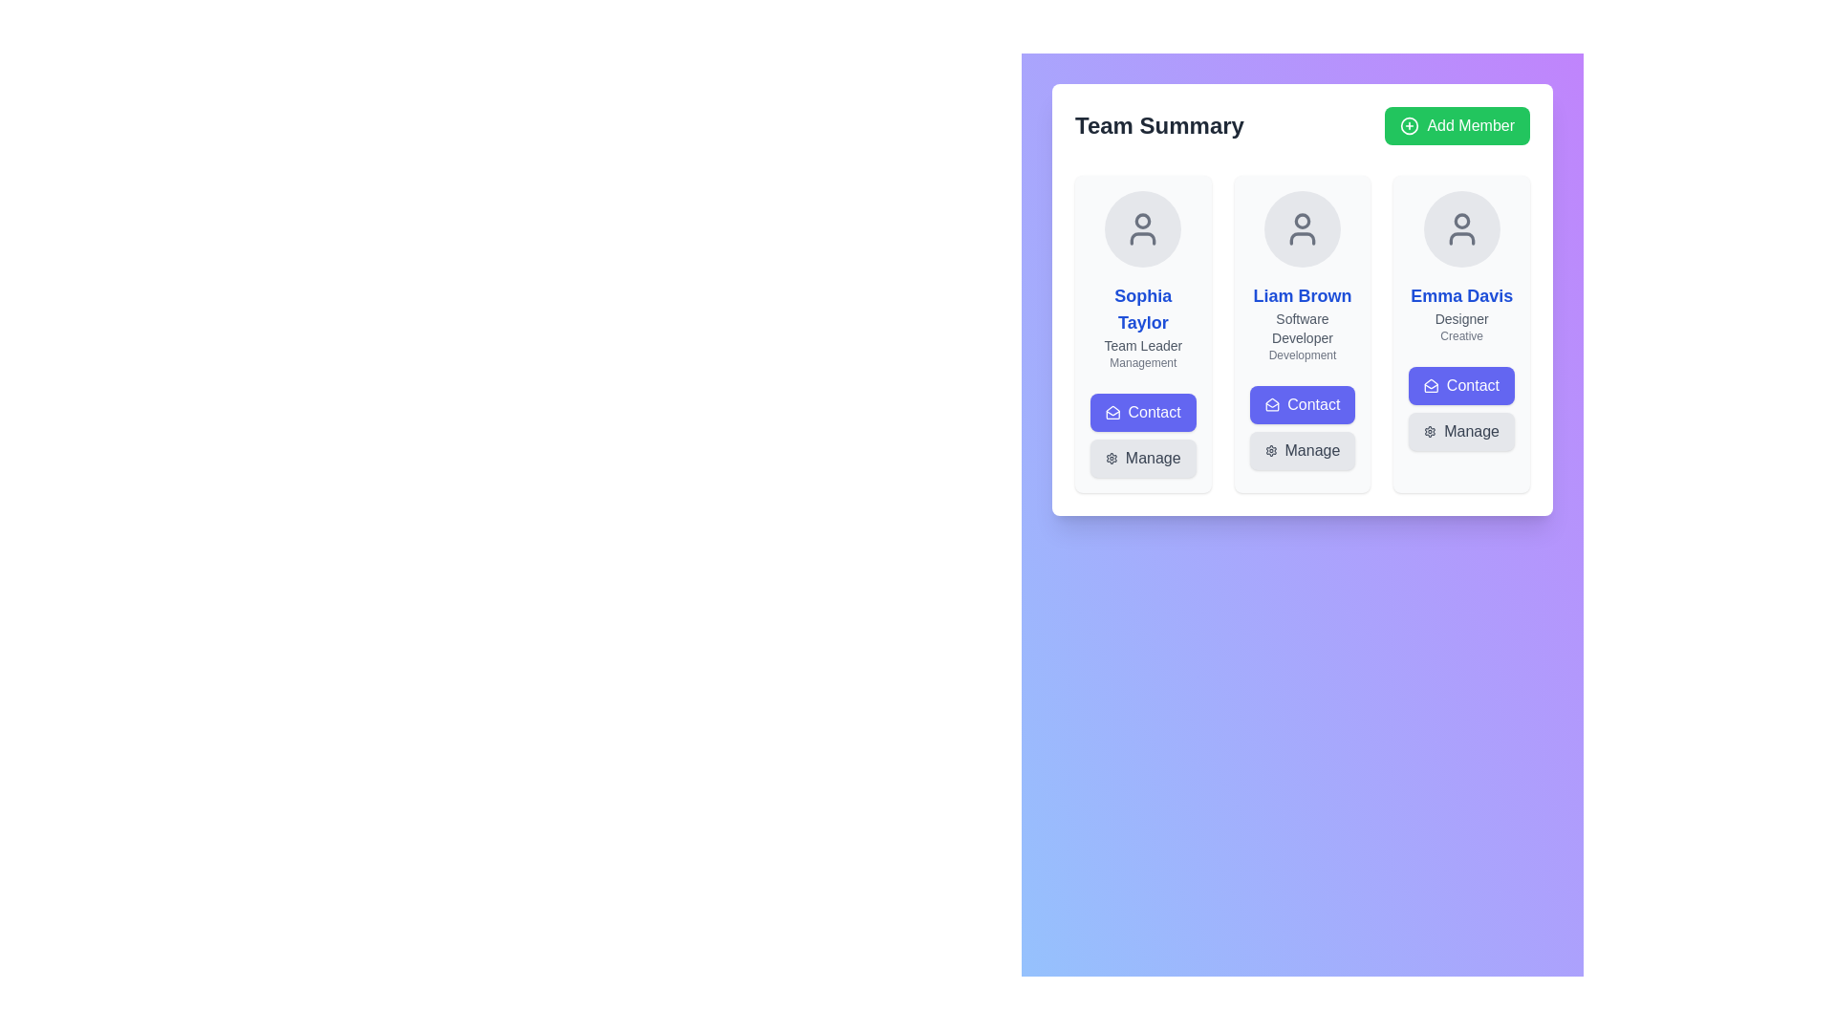  I want to click on the mail icon in the 'Contact' button, which features a clean, outlined envelope design against a purple background, located in the bottom section of the third card labeled 'Emma Davis', so click(1432, 386).